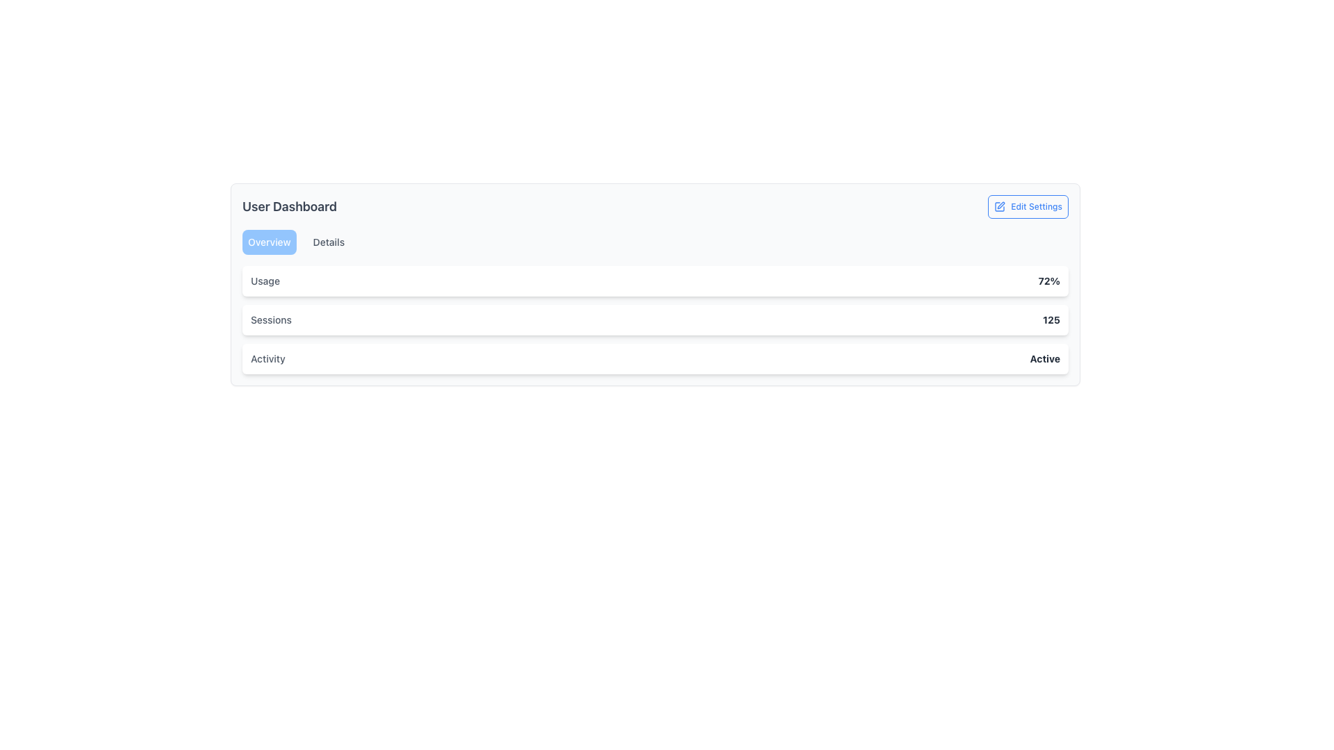 The image size is (1334, 750). I want to click on the Text Label that indicates the type of information for the associated value '72%', positioned in the upper section of the dashboard interface, so click(265, 281).